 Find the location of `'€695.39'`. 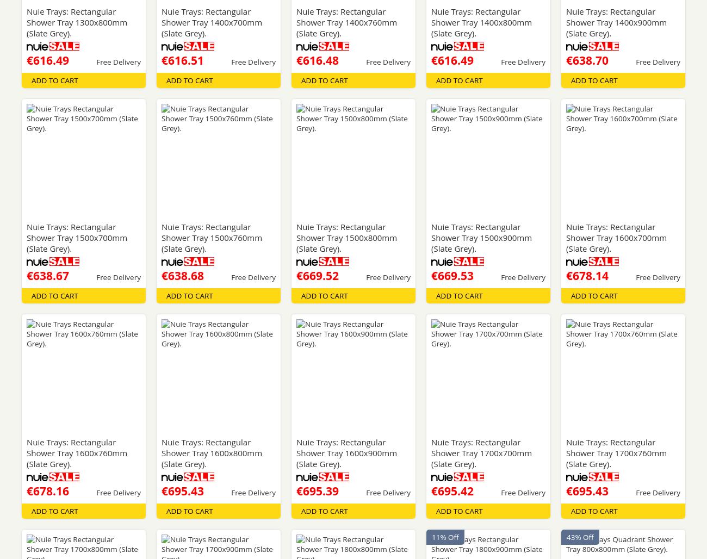

'€695.39' is located at coordinates (317, 490).